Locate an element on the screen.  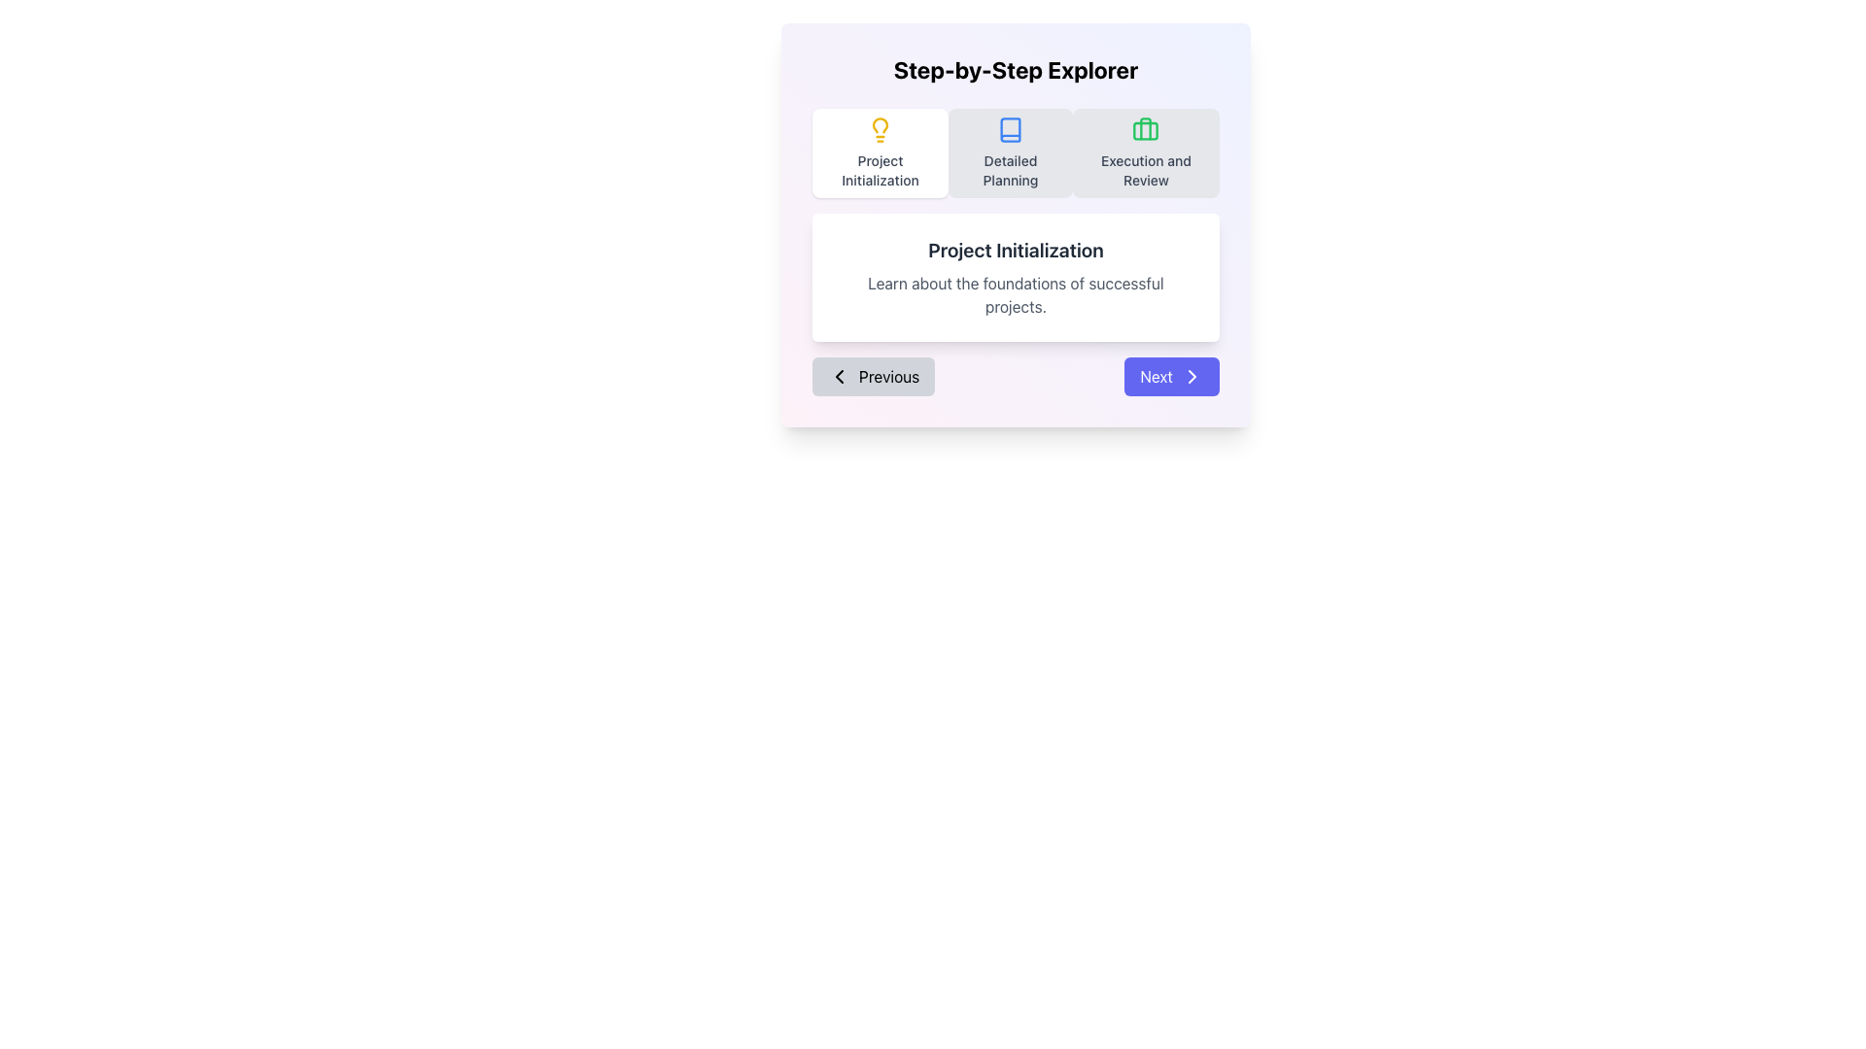
the chevron icon, which is a small white arrow on a purple circular background, located within the 'Next' button at the bottom-right corner of the dialog box is located at coordinates (1192, 377).